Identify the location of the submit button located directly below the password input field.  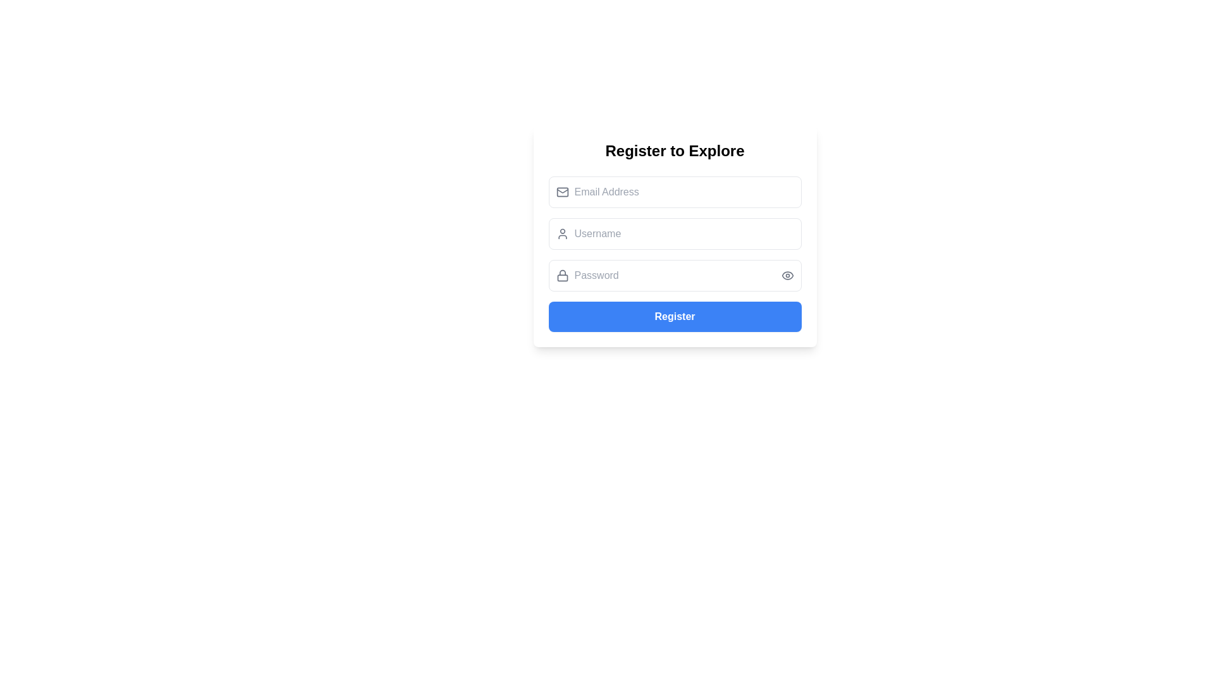
(674, 316).